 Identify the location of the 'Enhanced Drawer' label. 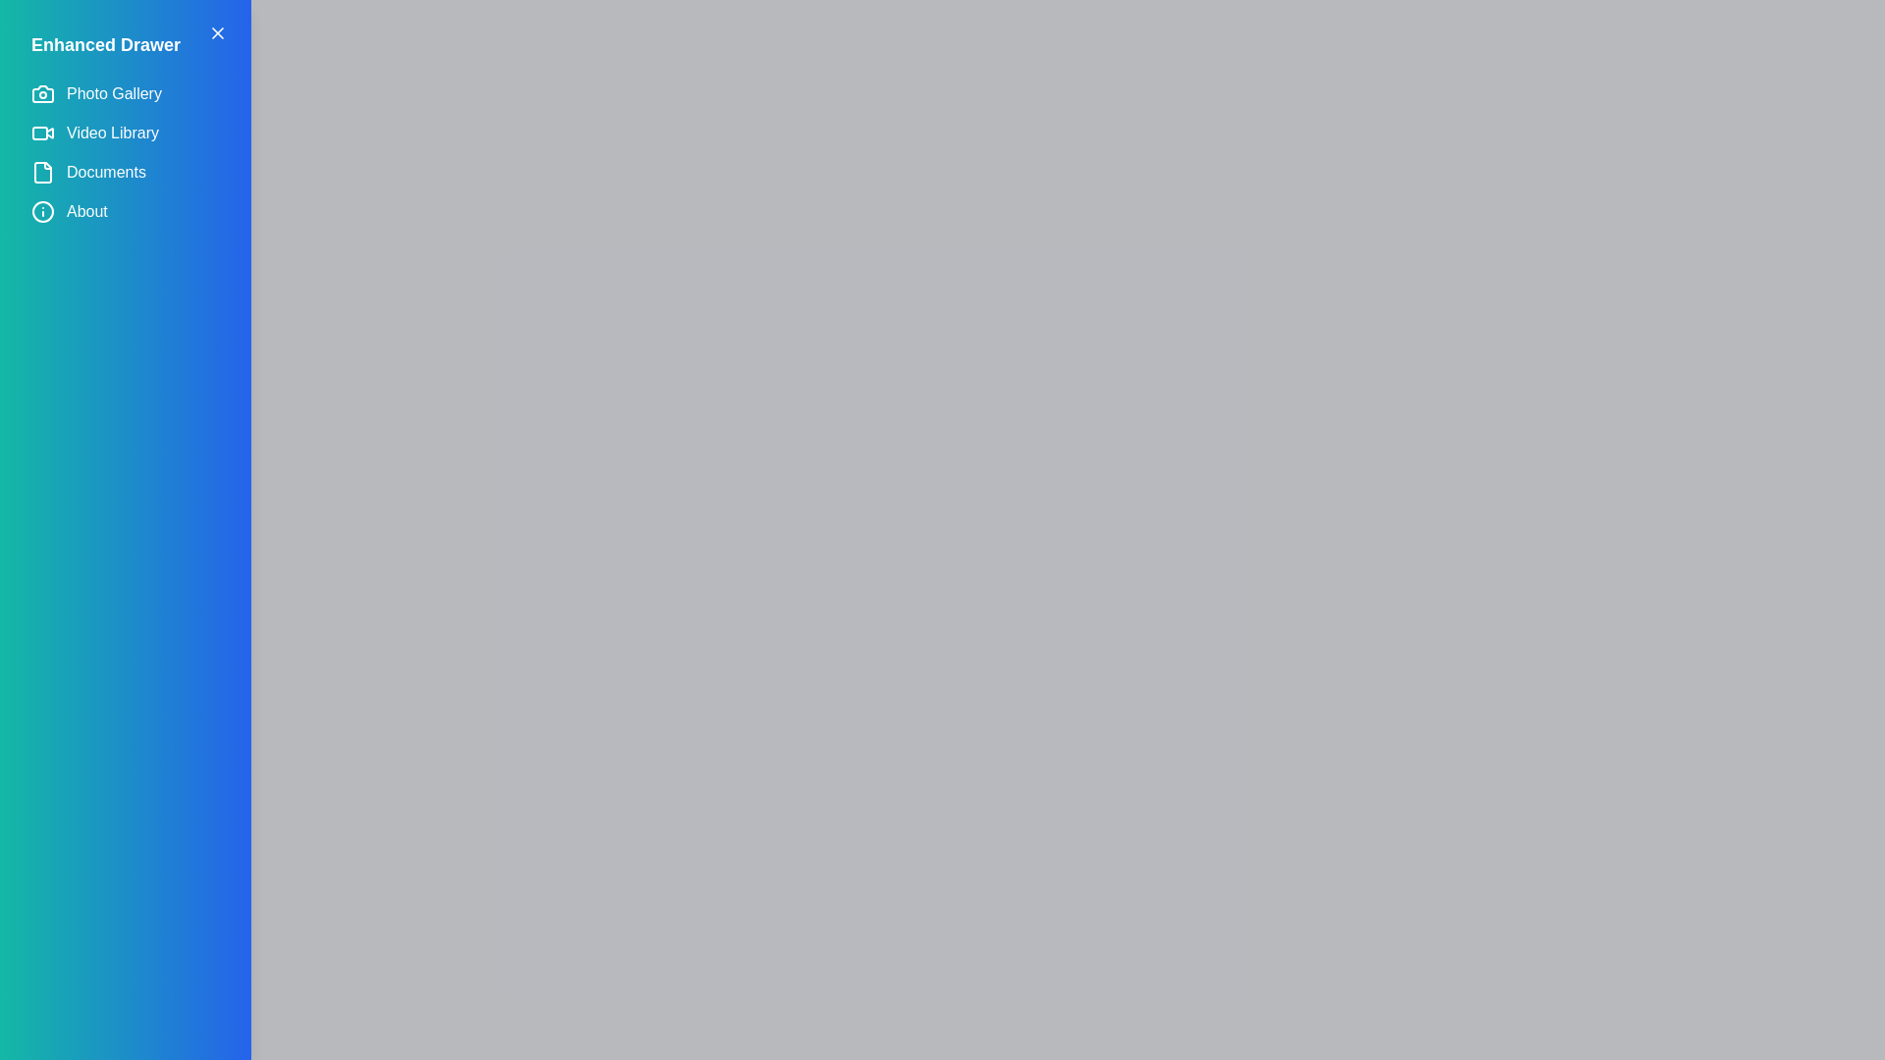
(105, 44).